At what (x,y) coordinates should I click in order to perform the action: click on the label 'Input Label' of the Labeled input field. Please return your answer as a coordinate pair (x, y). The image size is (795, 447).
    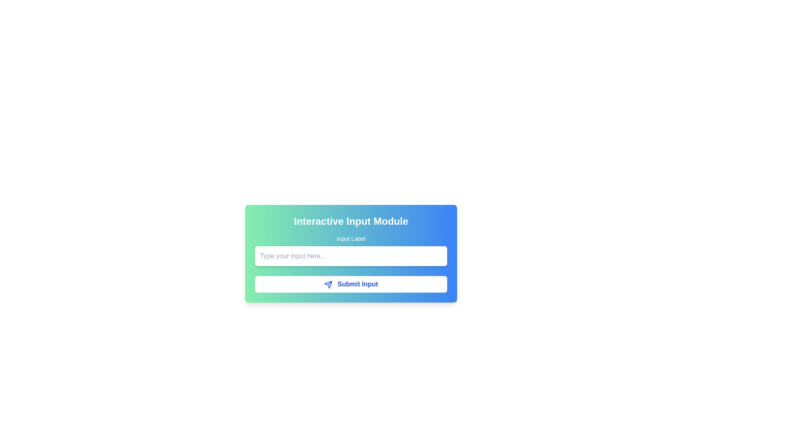
    Looking at the image, I should click on (351, 250).